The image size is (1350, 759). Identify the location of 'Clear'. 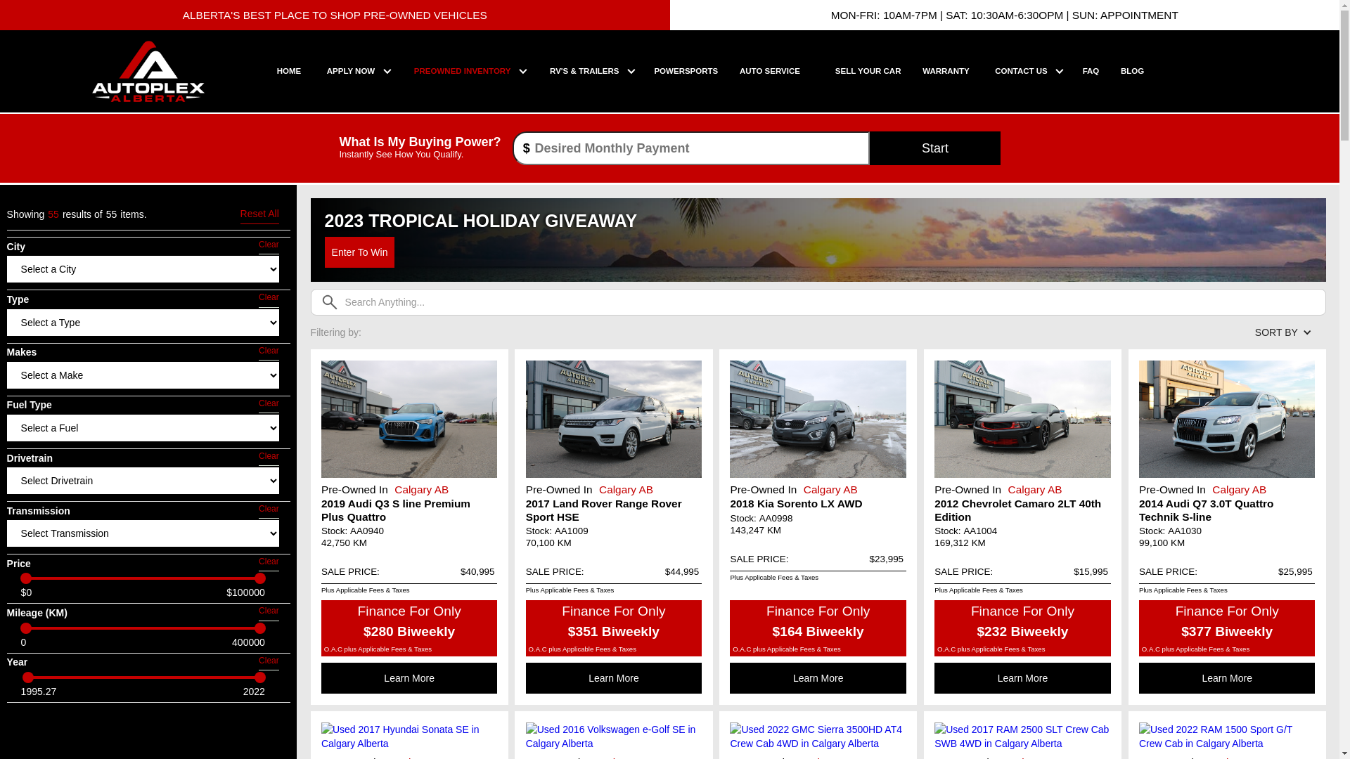
(269, 245).